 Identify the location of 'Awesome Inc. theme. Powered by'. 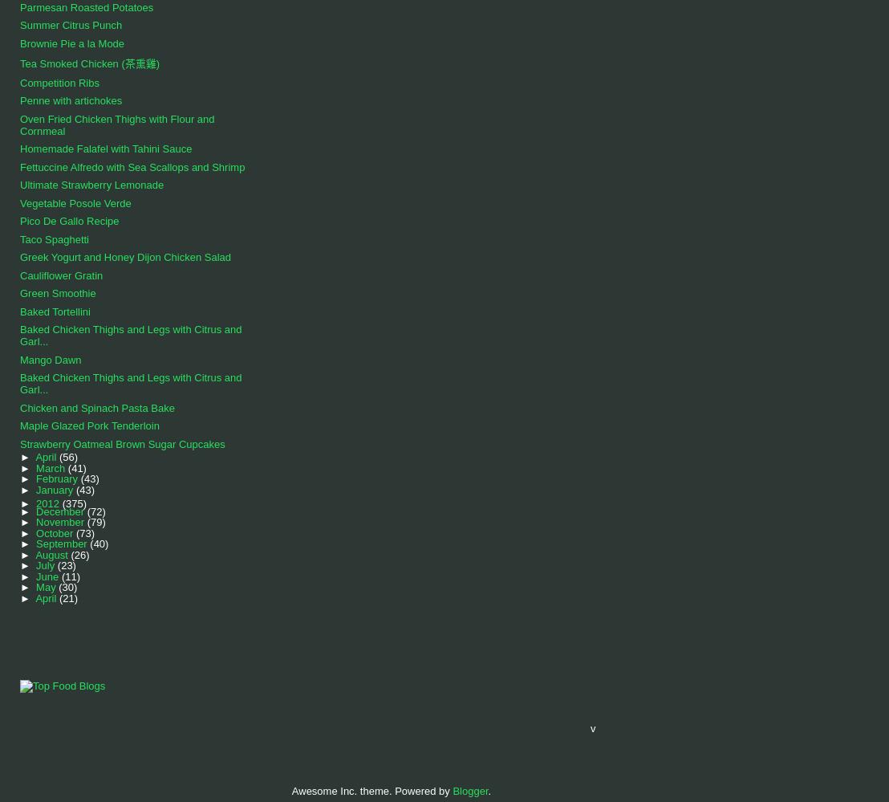
(290, 790).